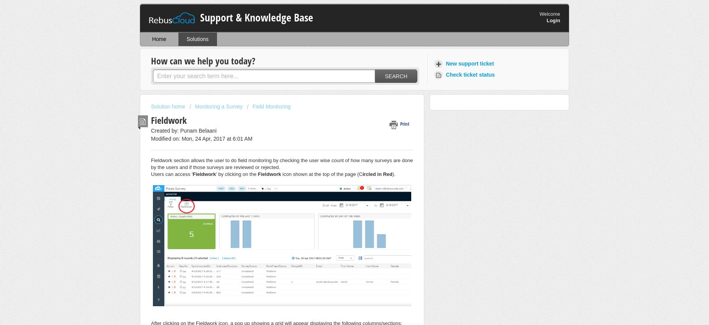 Image resolution: width=709 pixels, height=325 pixels. What do you see at coordinates (151, 130) in the screenshot?
I see `'Created by: Punam Belaani'` at bounding box center [151, 130].